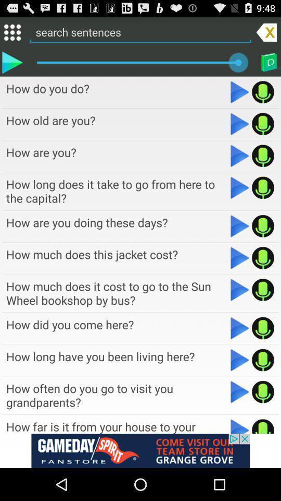  What do you see at coordinates (11, 62) in the screenshot?
I see `selected play` at bounding box center [11, 62].